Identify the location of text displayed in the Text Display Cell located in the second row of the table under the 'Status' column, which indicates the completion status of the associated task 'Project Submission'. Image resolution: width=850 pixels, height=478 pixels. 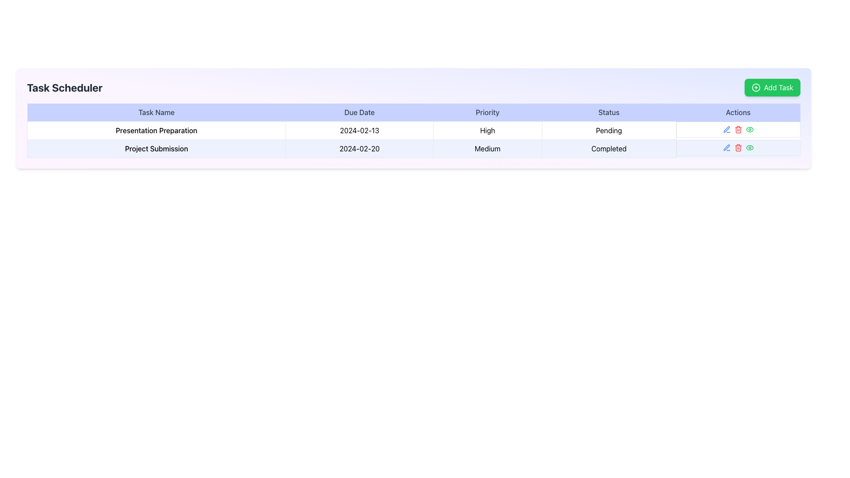
(608, 148).